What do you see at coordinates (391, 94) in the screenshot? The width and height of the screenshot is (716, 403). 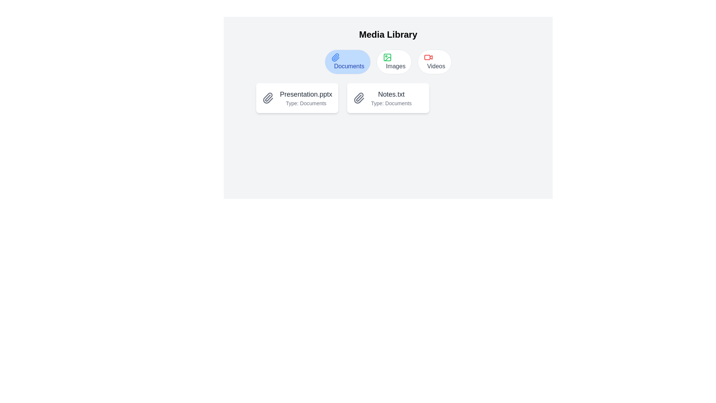 I see `the text label displaying 'Notes.txt' in a large and bold font style, located at the top portion of a card component` at bounding box center [391, 94].